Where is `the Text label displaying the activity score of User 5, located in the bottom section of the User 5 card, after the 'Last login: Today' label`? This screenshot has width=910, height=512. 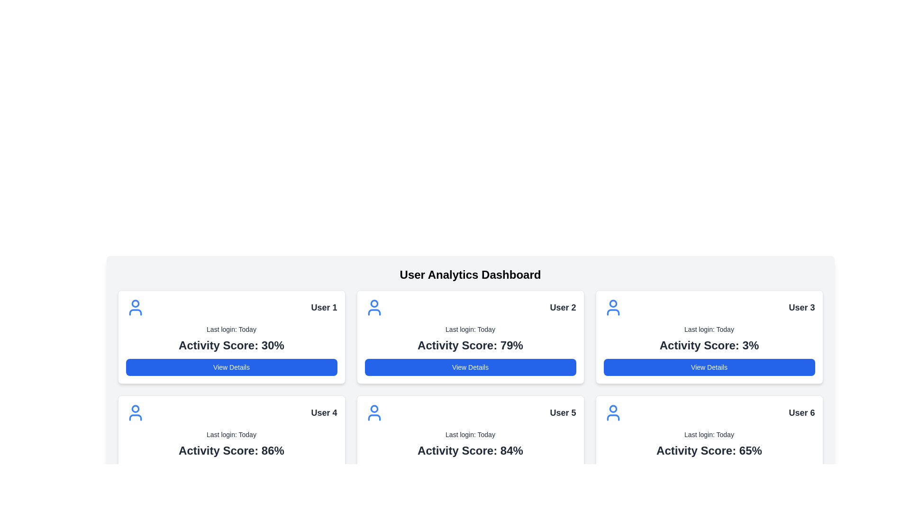
the Text label displaying the activity score of User 5, located in the bottom section of the User 5 card, after the 'Last login: Today' label is located at coordinates (470, 450).